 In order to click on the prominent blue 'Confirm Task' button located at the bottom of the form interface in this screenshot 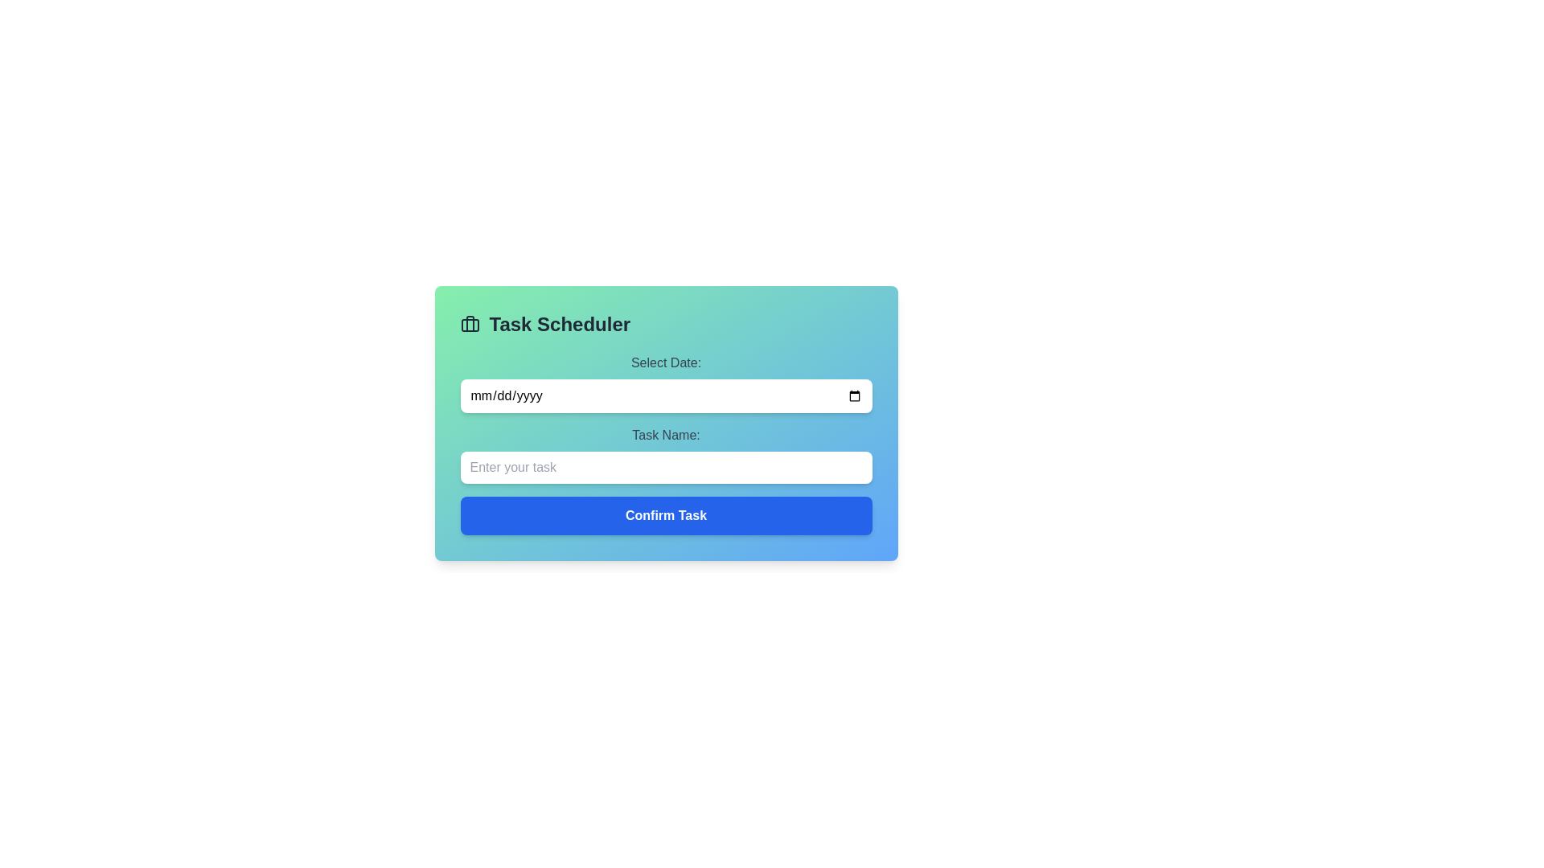, I will do `click(666, 515)`.